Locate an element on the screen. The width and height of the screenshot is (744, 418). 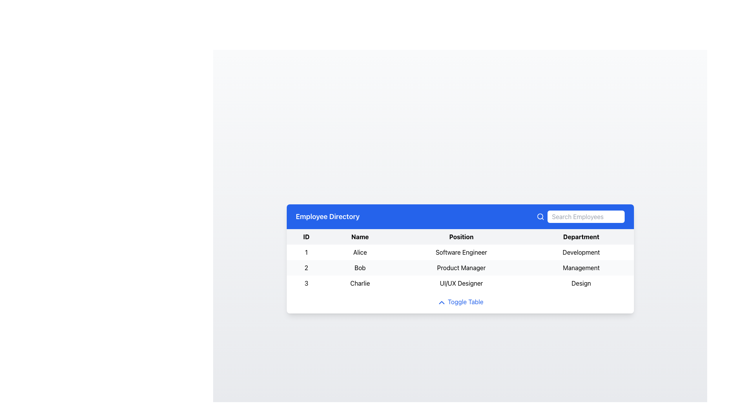
the 'ID' text label, which is the first header item in a table layout, styled in bold with padding is located at coordinates (306, 236).